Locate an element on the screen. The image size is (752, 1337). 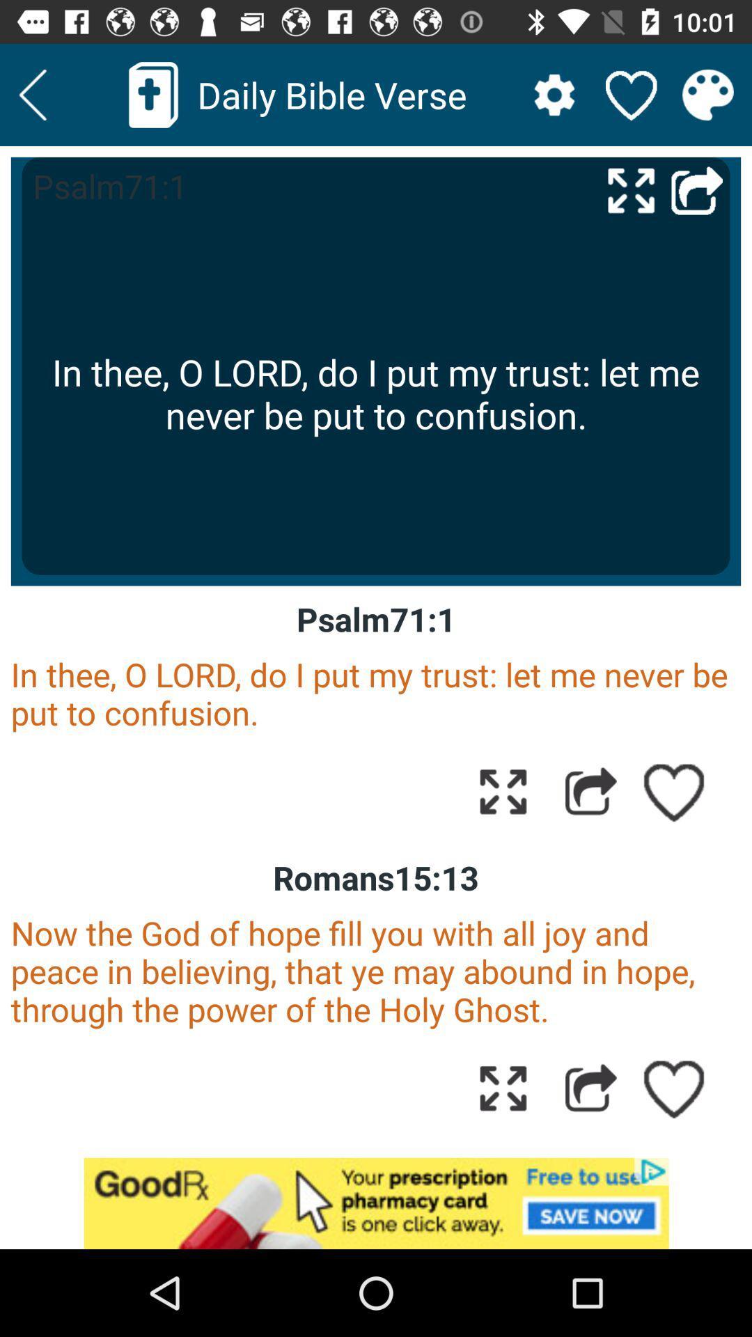
big page is located at coordinates (631, 189).